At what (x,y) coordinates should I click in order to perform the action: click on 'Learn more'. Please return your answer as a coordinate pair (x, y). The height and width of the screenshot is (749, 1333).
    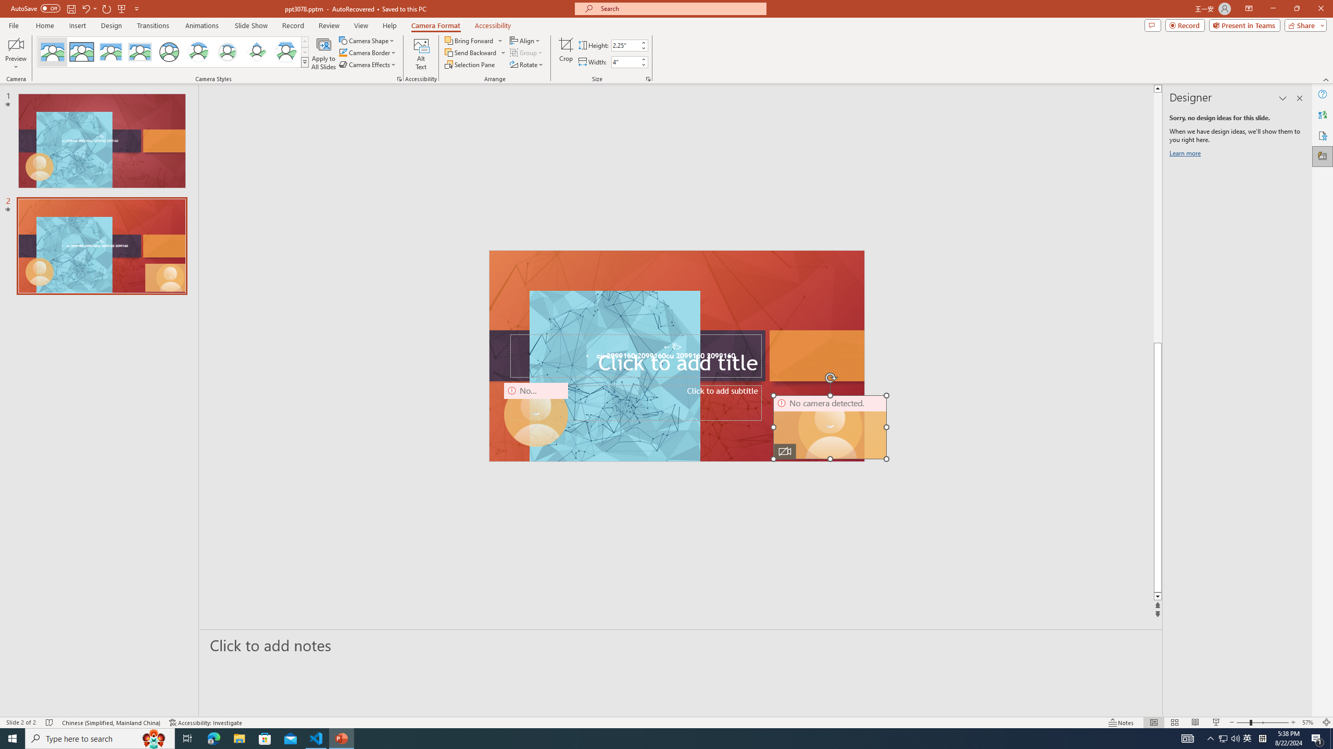
    Looking at the image, I should click on (1186, 155).